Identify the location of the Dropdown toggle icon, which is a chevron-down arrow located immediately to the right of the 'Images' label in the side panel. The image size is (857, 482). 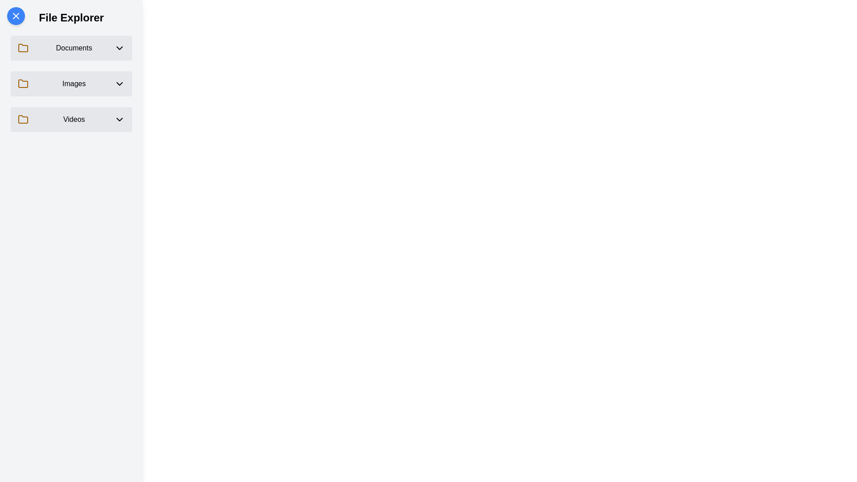
(119, 84).